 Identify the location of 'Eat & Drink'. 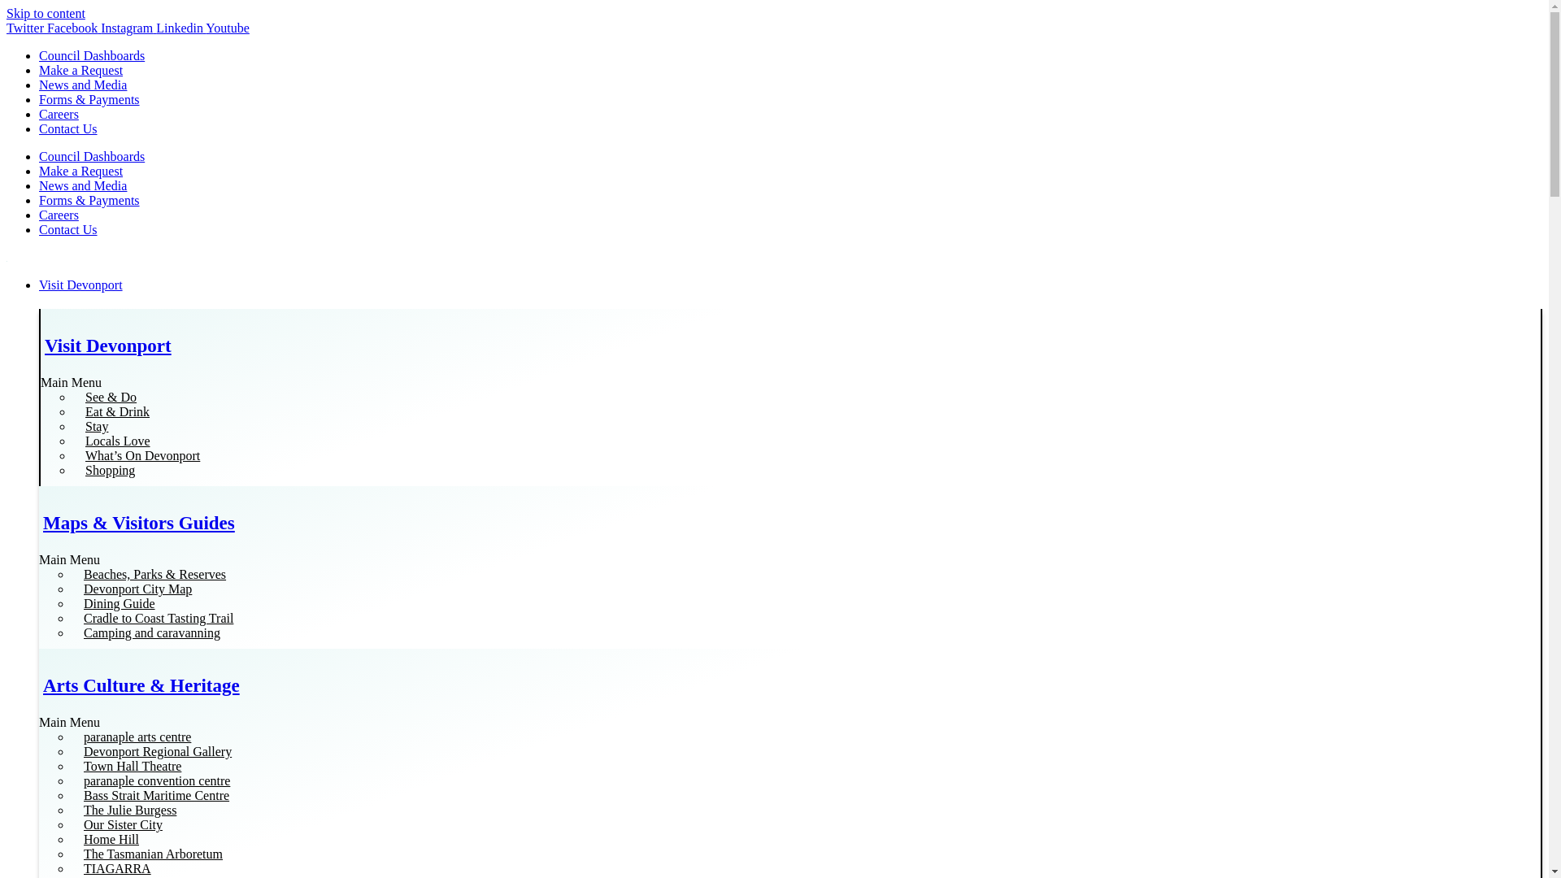
(116, 411).